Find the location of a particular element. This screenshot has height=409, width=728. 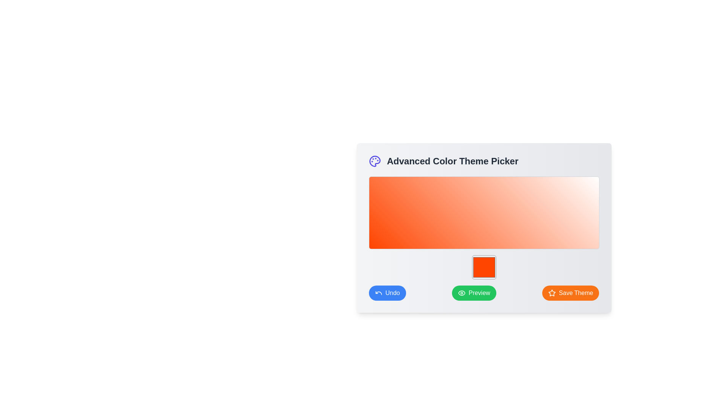

the vibrant orange color picker button, which is a square button with rounded corners and a gray border is located at coordinates (483, 267).